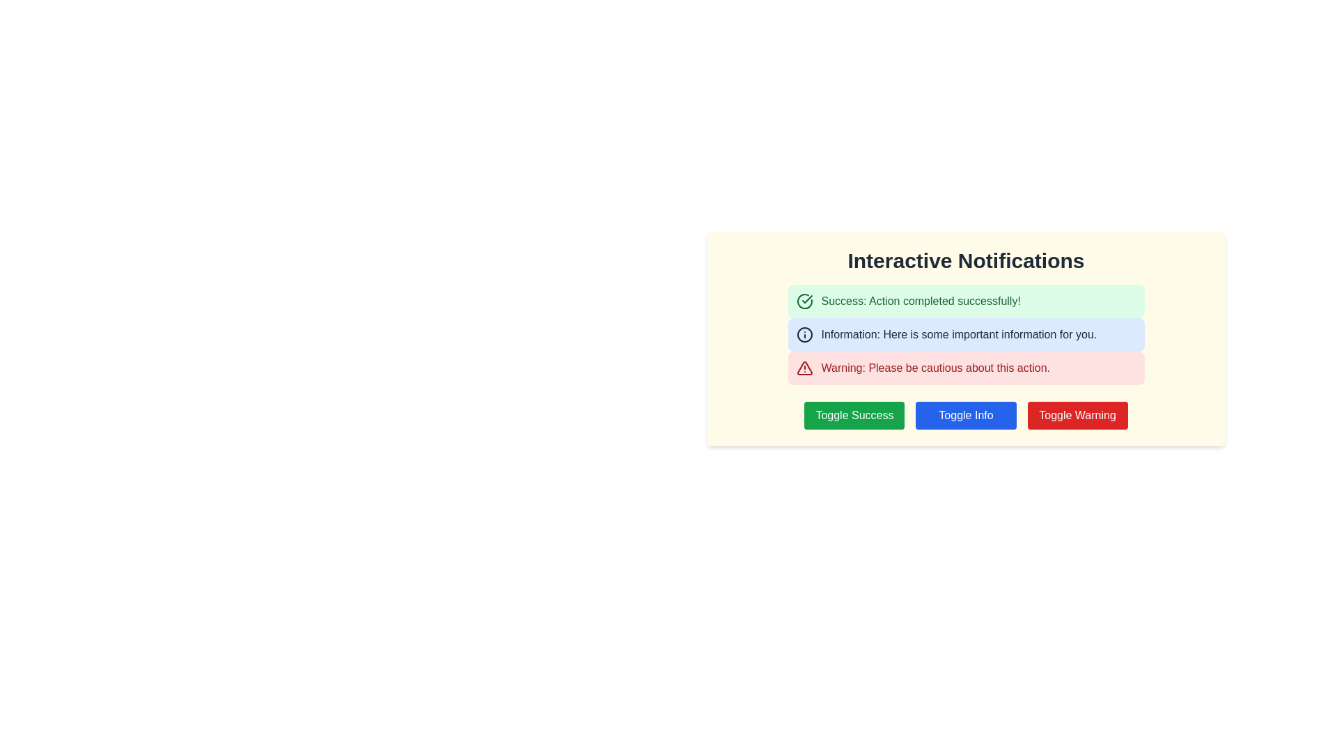  Describe the element at coordinates (804, 335) in the screenshot. I see `the SVG Circle that visually represents the information icon, located to the left of the 'Information: Here is some important information for you.' text` at that location.